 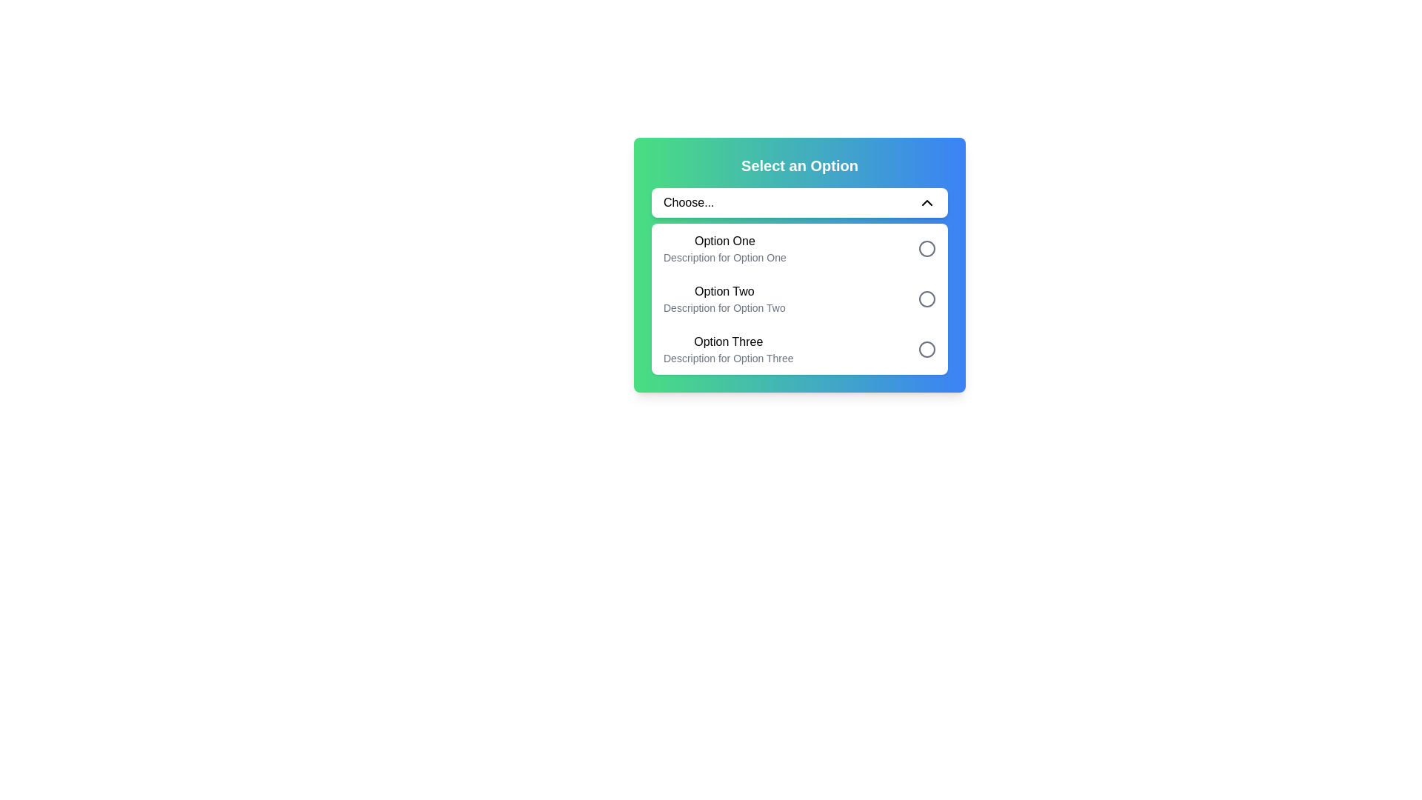 What do you see at coordinates (728, 358) in the screenshot?
I see `the text label styled in a smaller font size, appearing in gray, located directly below the bold title 'Option Three' in the dropdown menu` at bounding box center [728, 358].